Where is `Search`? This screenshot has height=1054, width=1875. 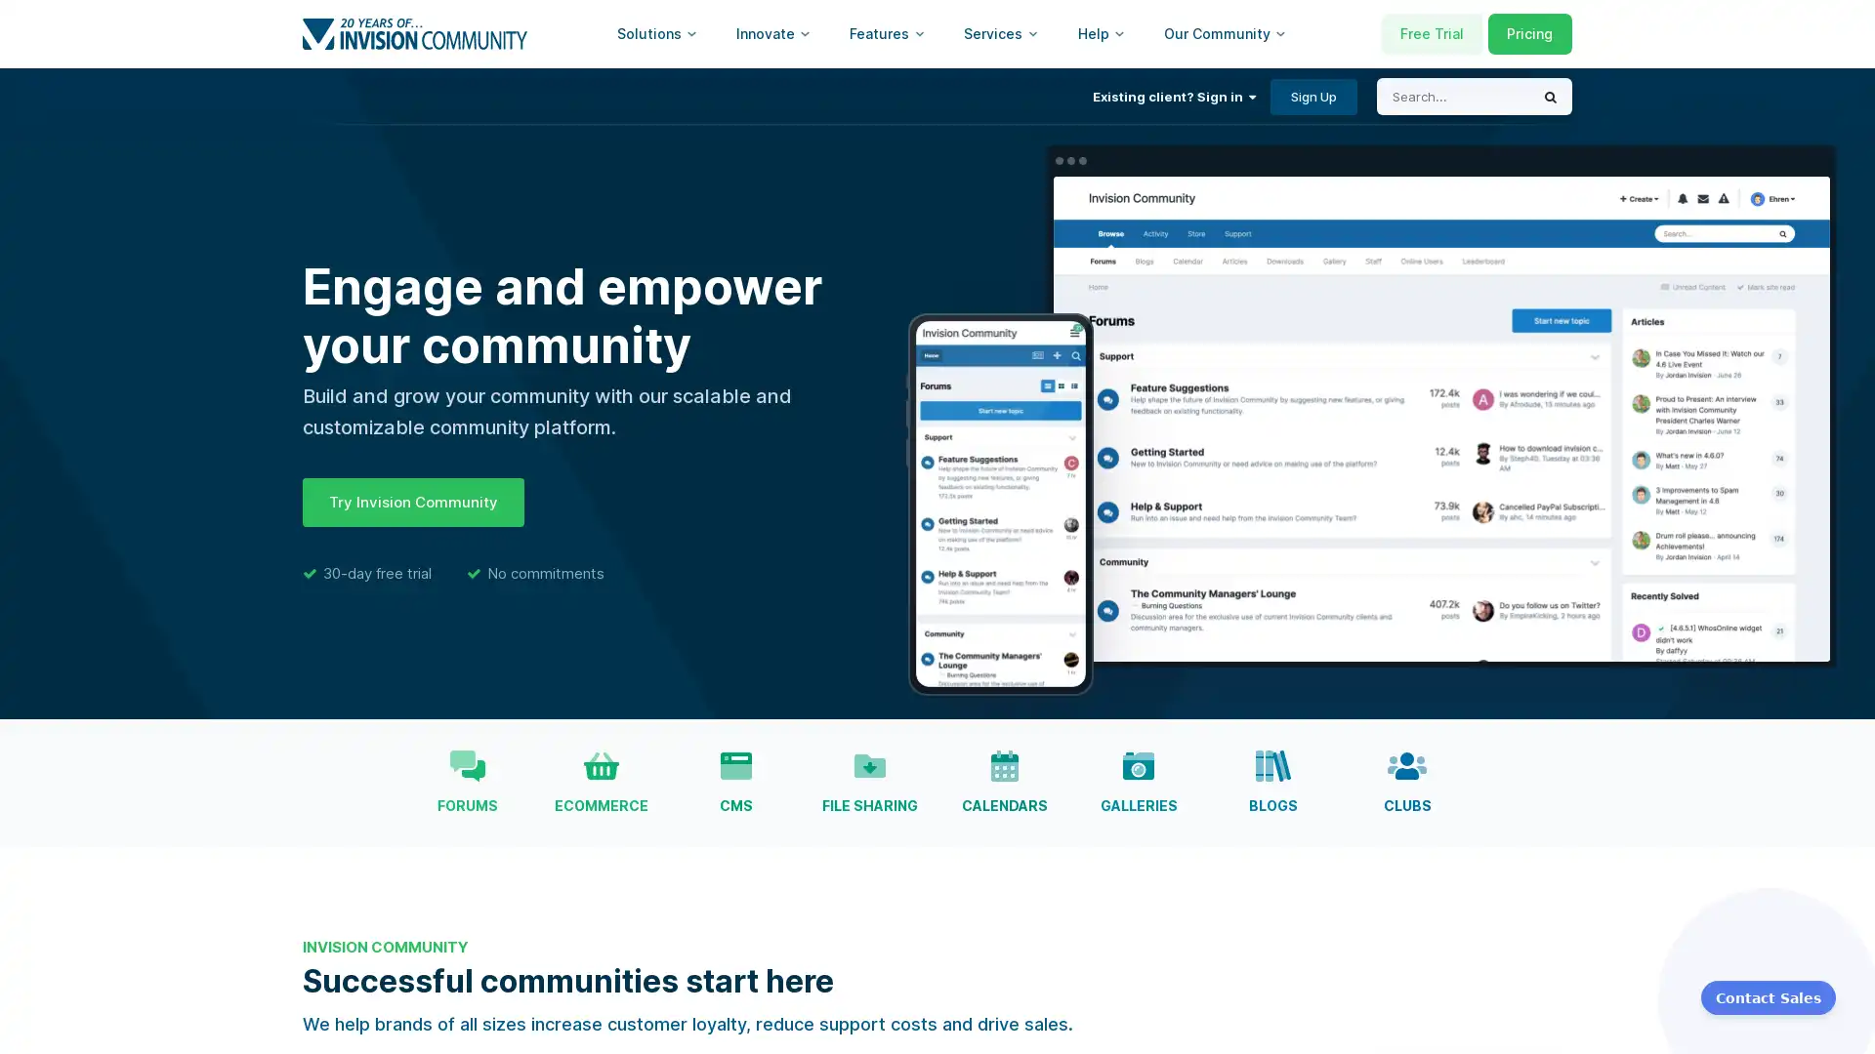 Search is located at coordinates (1550, 97).